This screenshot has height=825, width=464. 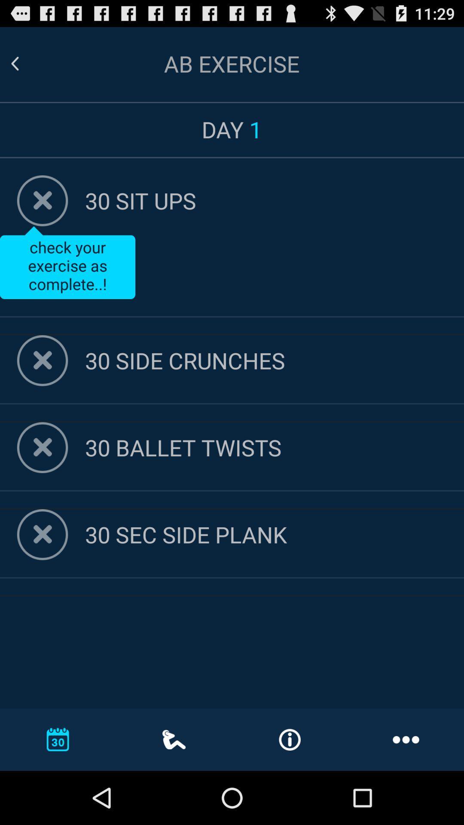 What do you see at coordinates (43, 200) in the screenshot?
I see `check exercise done` at bounding box center [43, 200].